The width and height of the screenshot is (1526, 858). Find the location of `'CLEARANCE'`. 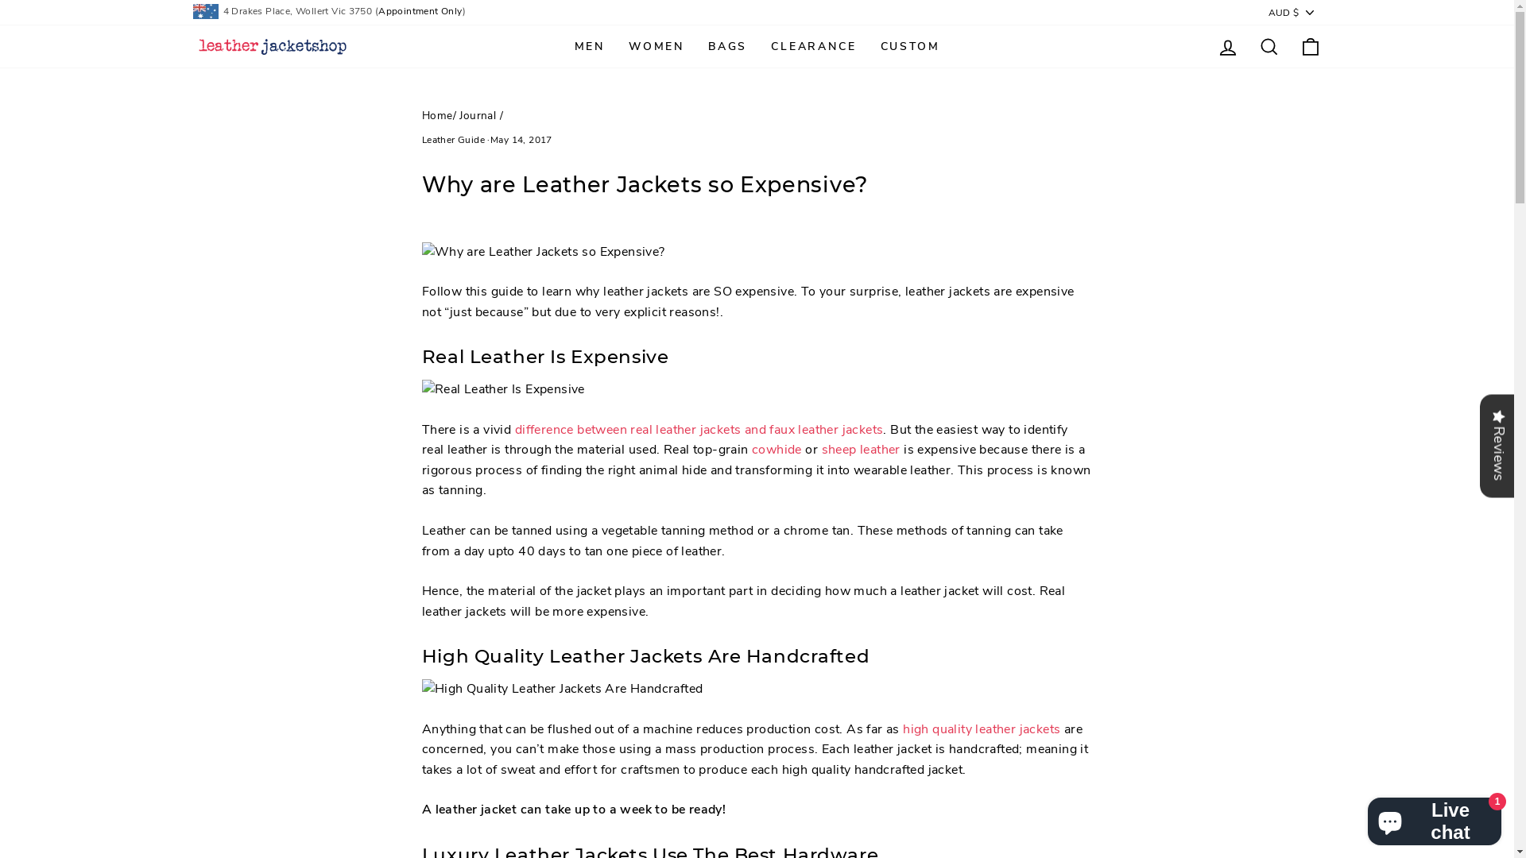

'CLEARANCE' is located at coordinates (813, 45).